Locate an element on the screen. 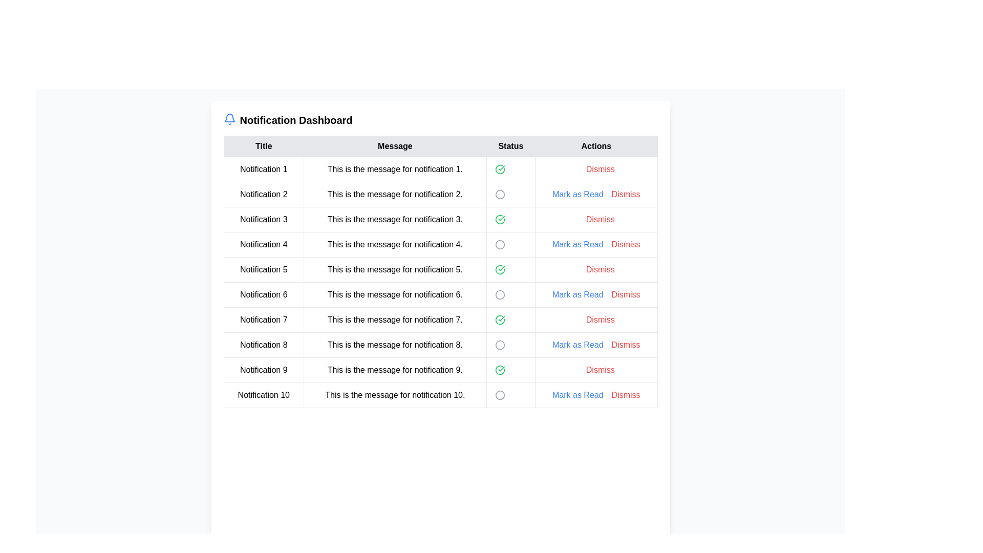 The width and height of the screenshot is (983, 553). the interactive circular icon with a gray border in the 'Status' cell for the 'Notification 10' row to change its state from unchecked to checked is located at coordinates (500, 394).